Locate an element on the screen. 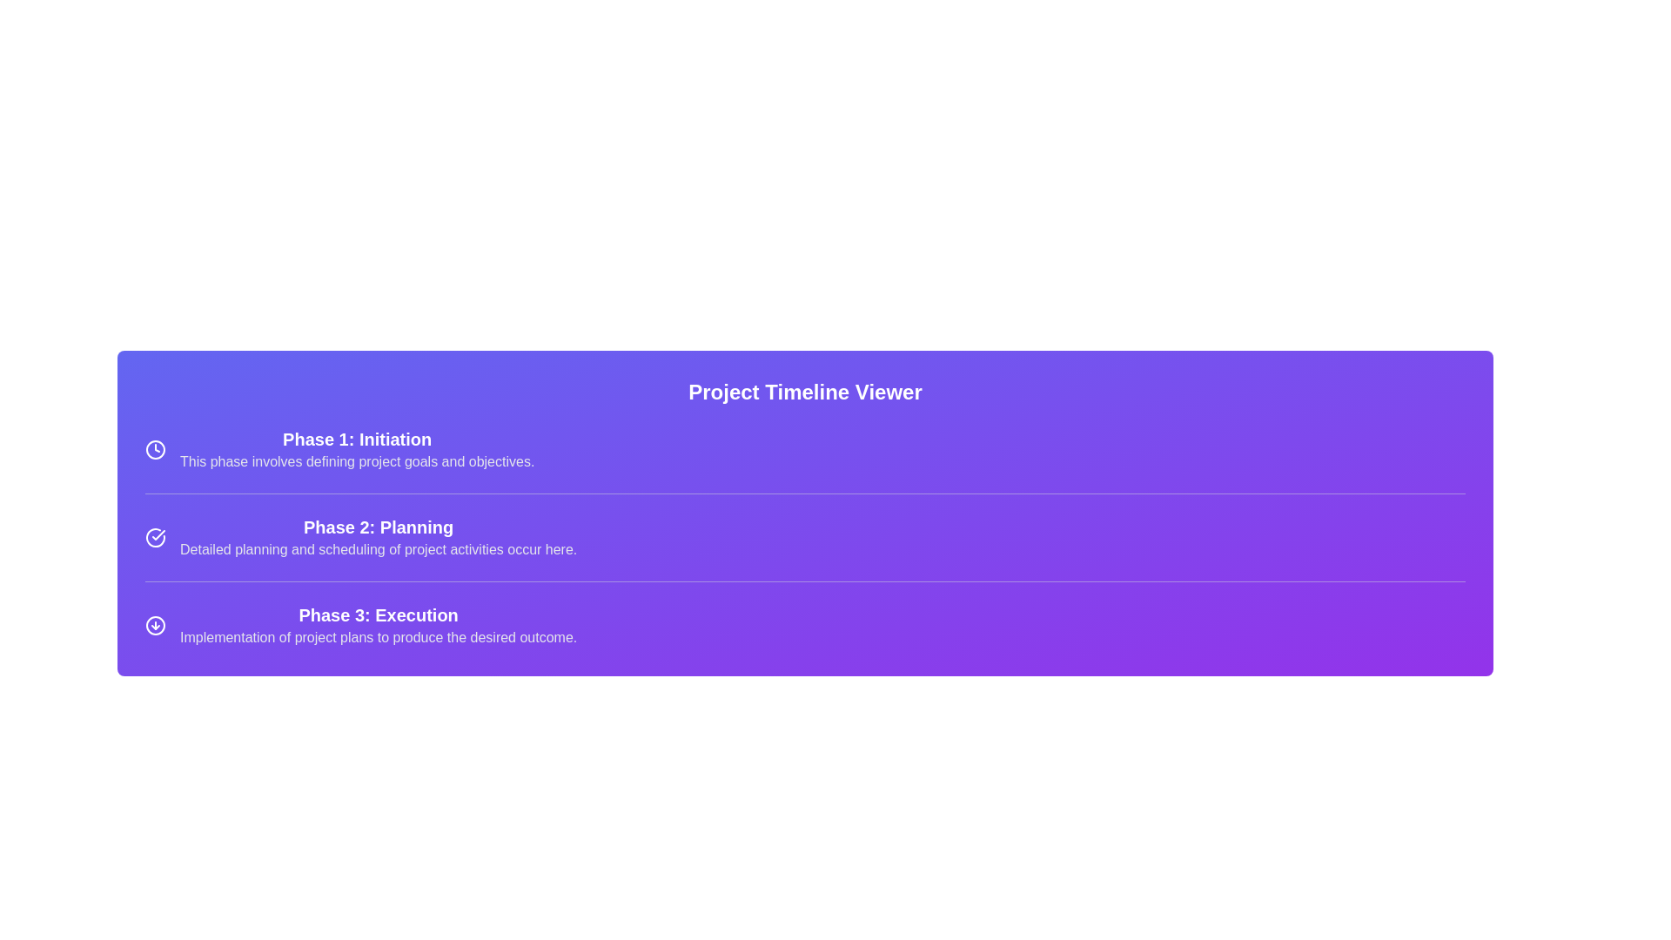  text content of the element displaying 'Phase 2: Planning', which is styled in a larger and bold font, located in a section with a purple background, above the description about detailed planning and scheduling is located at coordinates (378, 526).